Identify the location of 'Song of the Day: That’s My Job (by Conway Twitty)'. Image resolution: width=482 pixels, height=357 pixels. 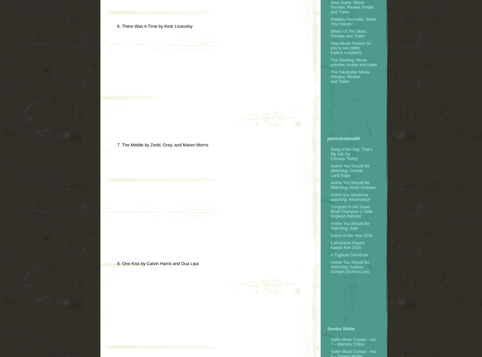
(351, 153).